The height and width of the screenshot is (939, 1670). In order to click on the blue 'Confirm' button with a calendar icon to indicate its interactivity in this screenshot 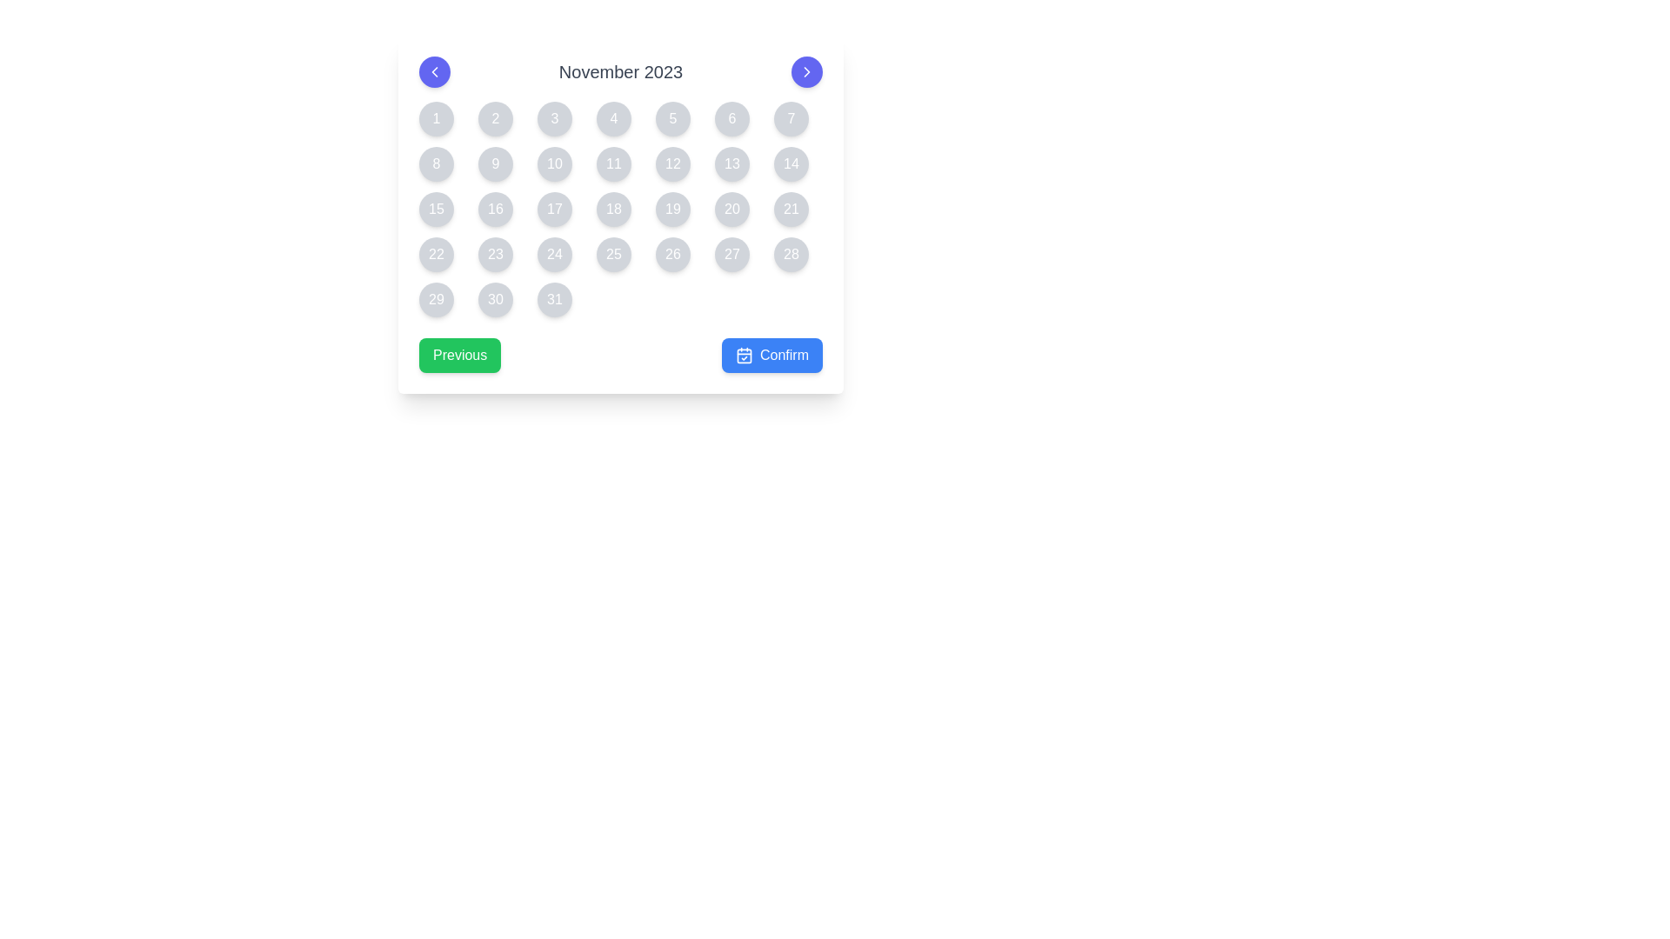, I will do `click(772, 354)`.